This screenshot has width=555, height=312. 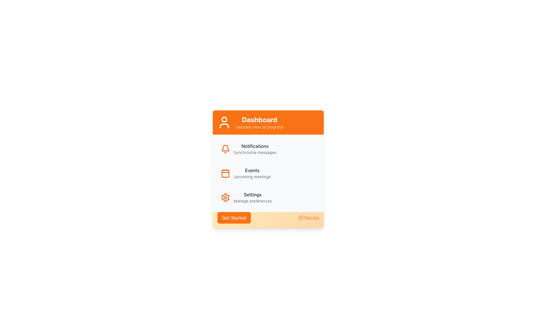 I want to click on the 'Dashboard' text label, which is prominently displayed in bold white font on an orange background at the top of the dashboard card, so click(x=259, y=119).